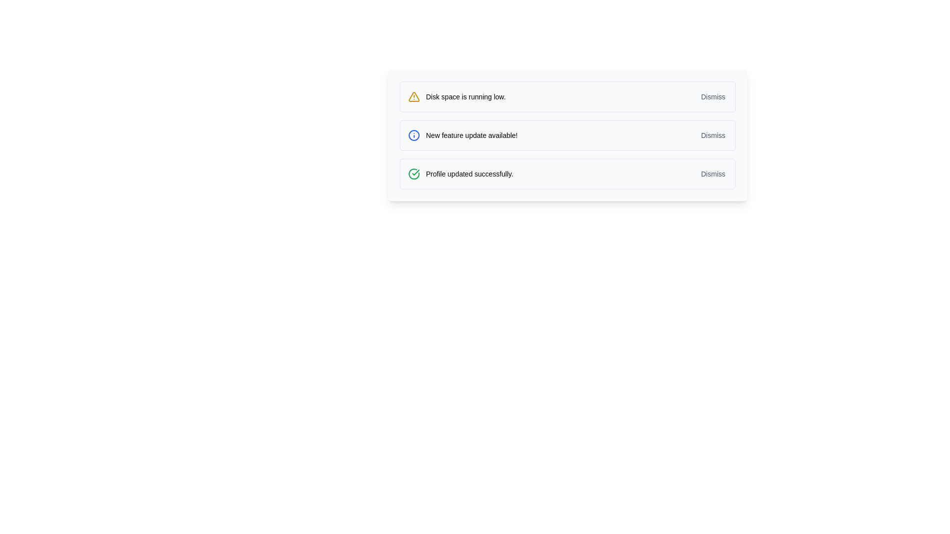 The width and height of the screenshot is (950, 534). Describe the element at coordinates (414, 97) in the screenshot. I see `the warning icon indicating low disk space, which is located on the leftmost side of the notification bar` at that location.